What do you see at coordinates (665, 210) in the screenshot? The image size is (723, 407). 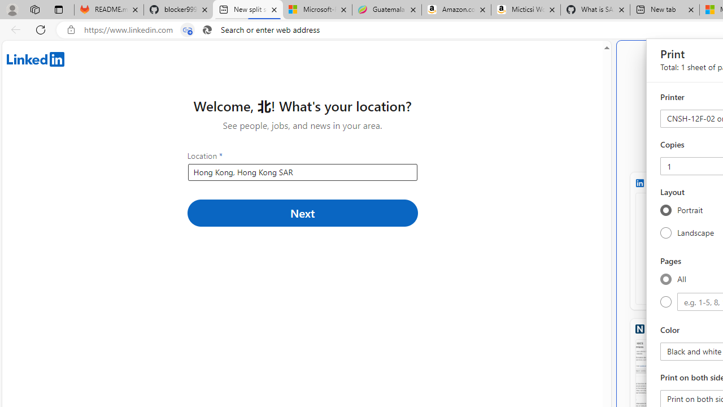 I see `'Portrait'` at bounding box center [665, 210].